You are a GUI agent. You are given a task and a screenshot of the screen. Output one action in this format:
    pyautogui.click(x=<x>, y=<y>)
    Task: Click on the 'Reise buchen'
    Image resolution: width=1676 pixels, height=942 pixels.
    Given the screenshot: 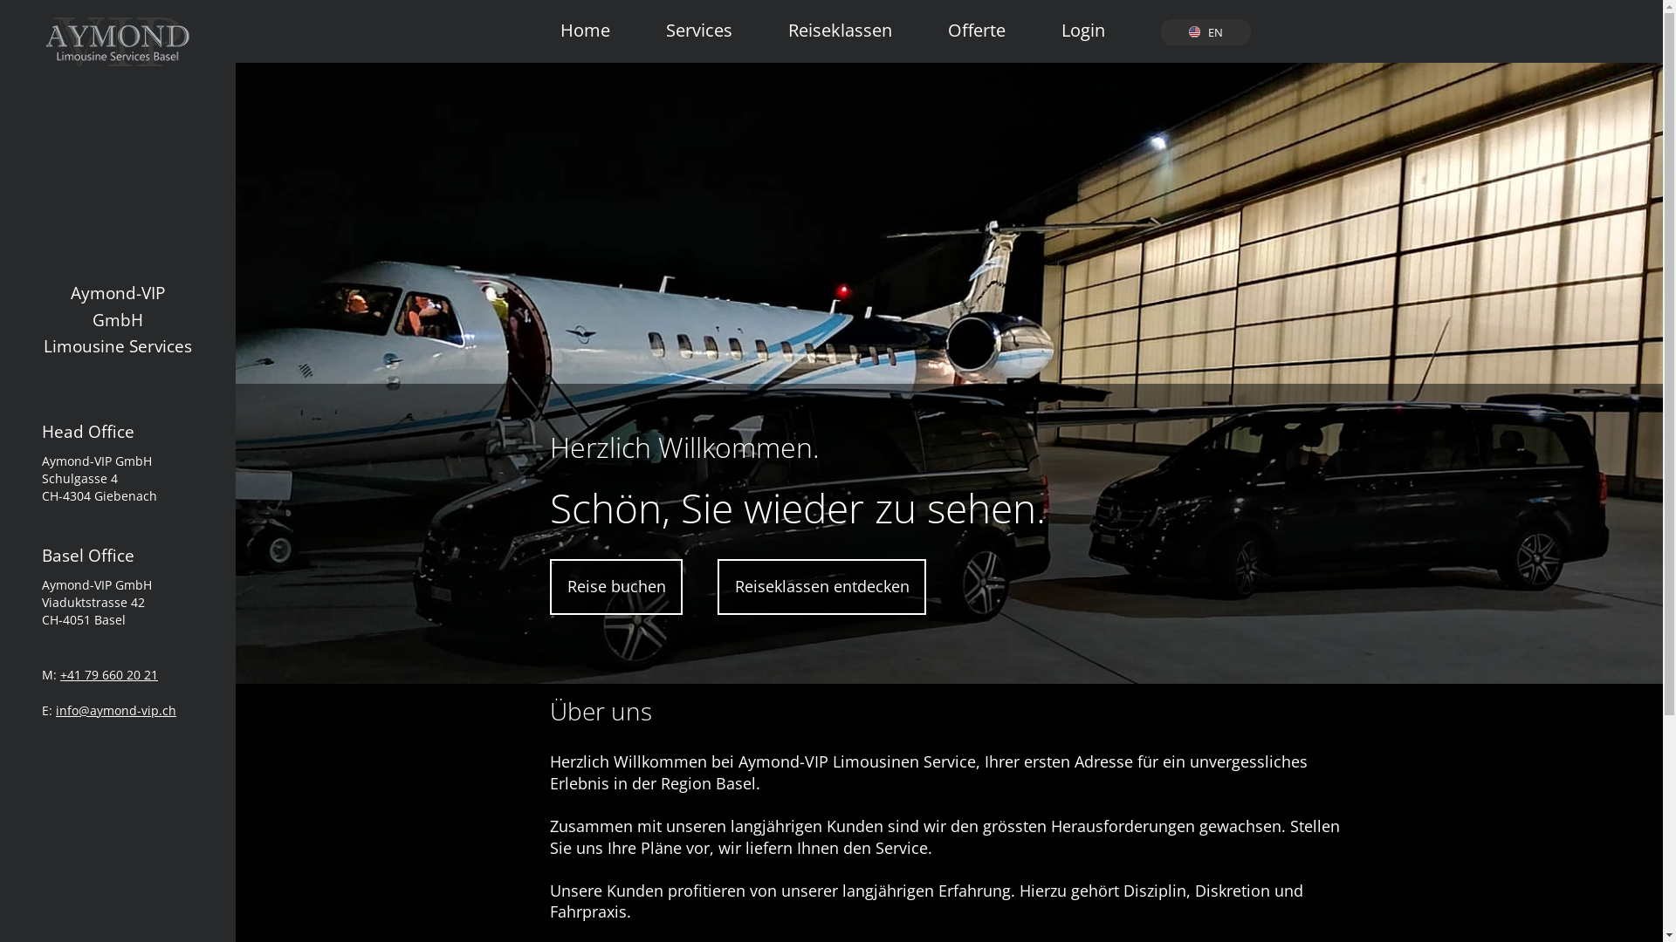 What is the action you would take?
    pyautogui.click(x=615, y=586)
    